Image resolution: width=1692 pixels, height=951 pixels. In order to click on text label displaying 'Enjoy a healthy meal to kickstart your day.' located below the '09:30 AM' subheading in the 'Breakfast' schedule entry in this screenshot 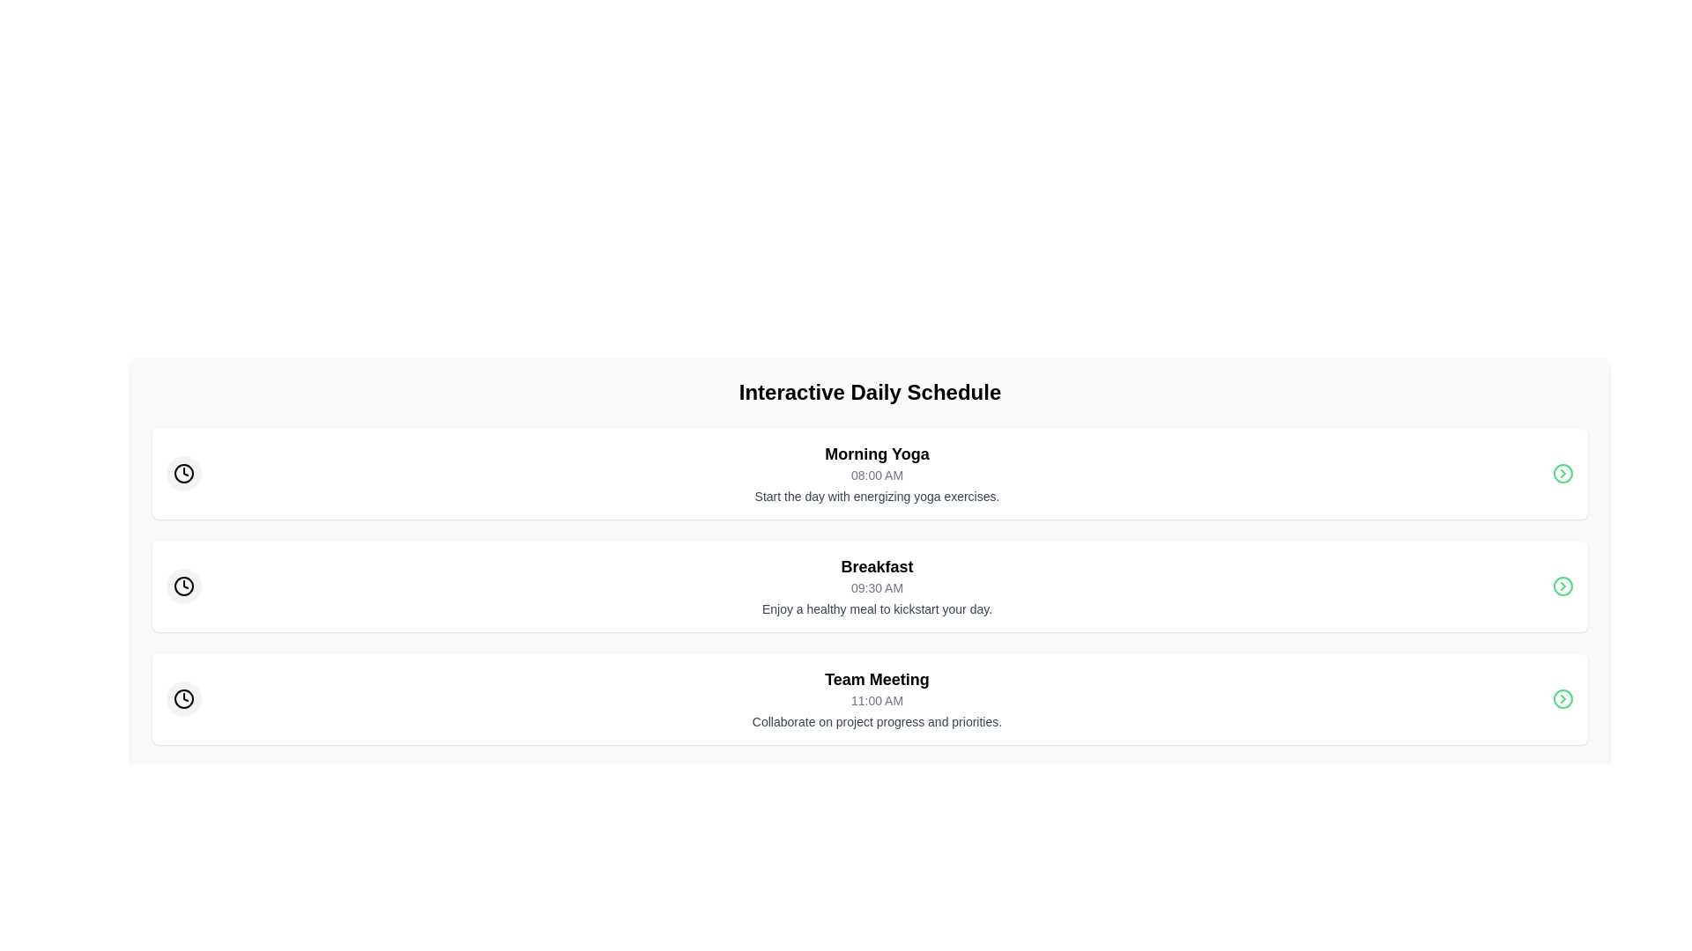, I will do `click(877, 608)`.